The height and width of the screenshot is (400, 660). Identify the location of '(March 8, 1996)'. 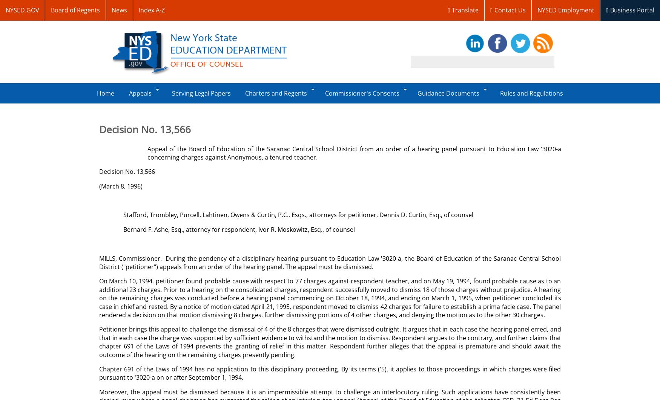
(120, 186).